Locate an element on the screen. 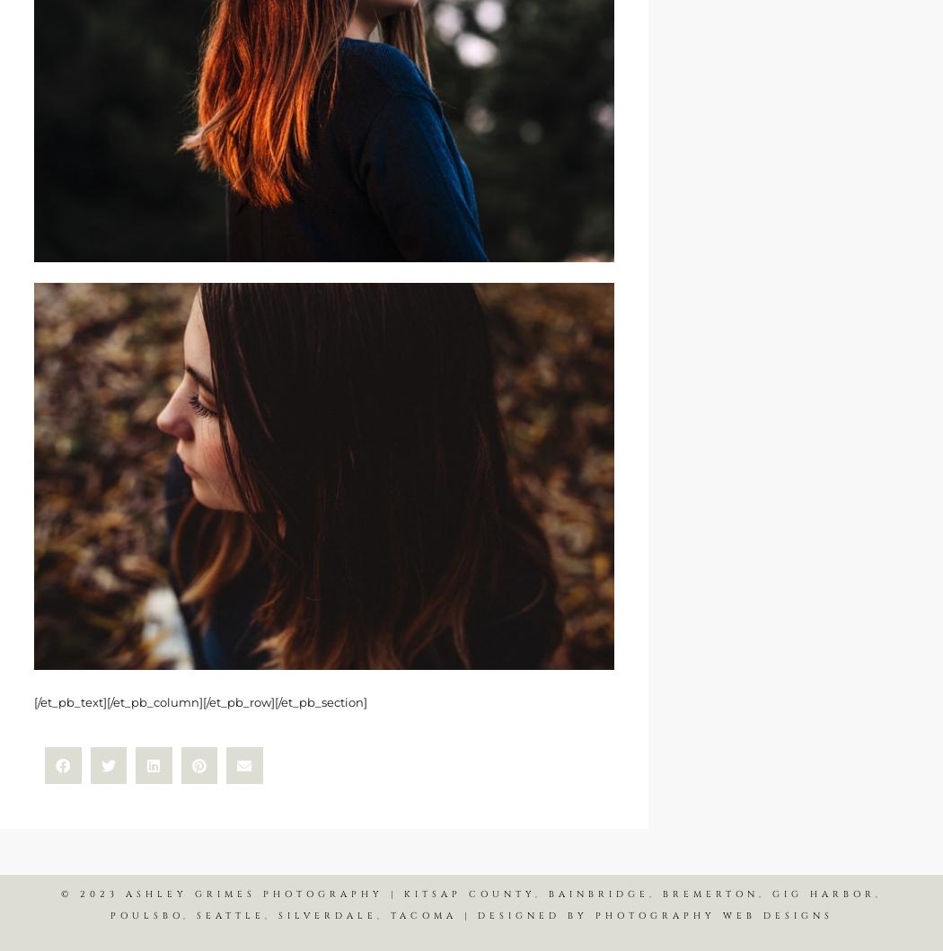 The height and width of the screenshot is (951, 943). 'TACOMA' is located at coordinates (423, 913).